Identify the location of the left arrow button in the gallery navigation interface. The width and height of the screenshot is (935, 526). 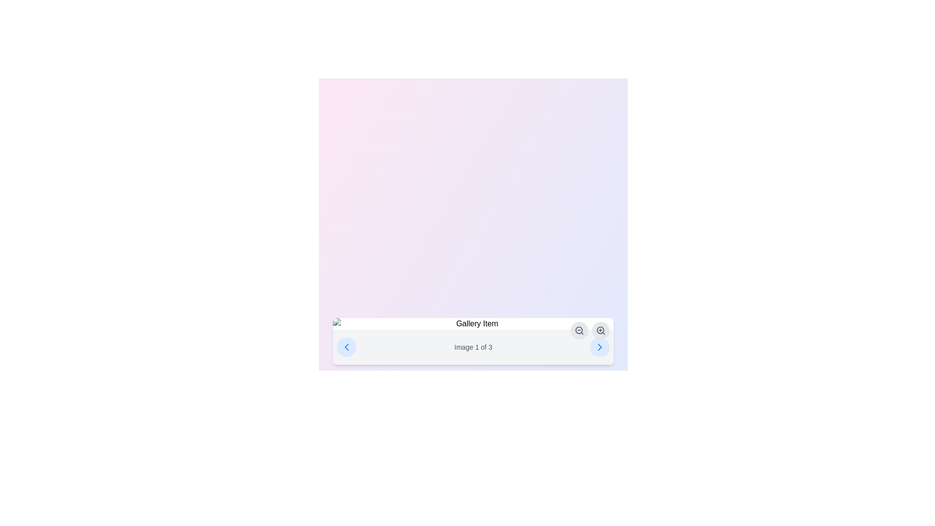
(346, 347).